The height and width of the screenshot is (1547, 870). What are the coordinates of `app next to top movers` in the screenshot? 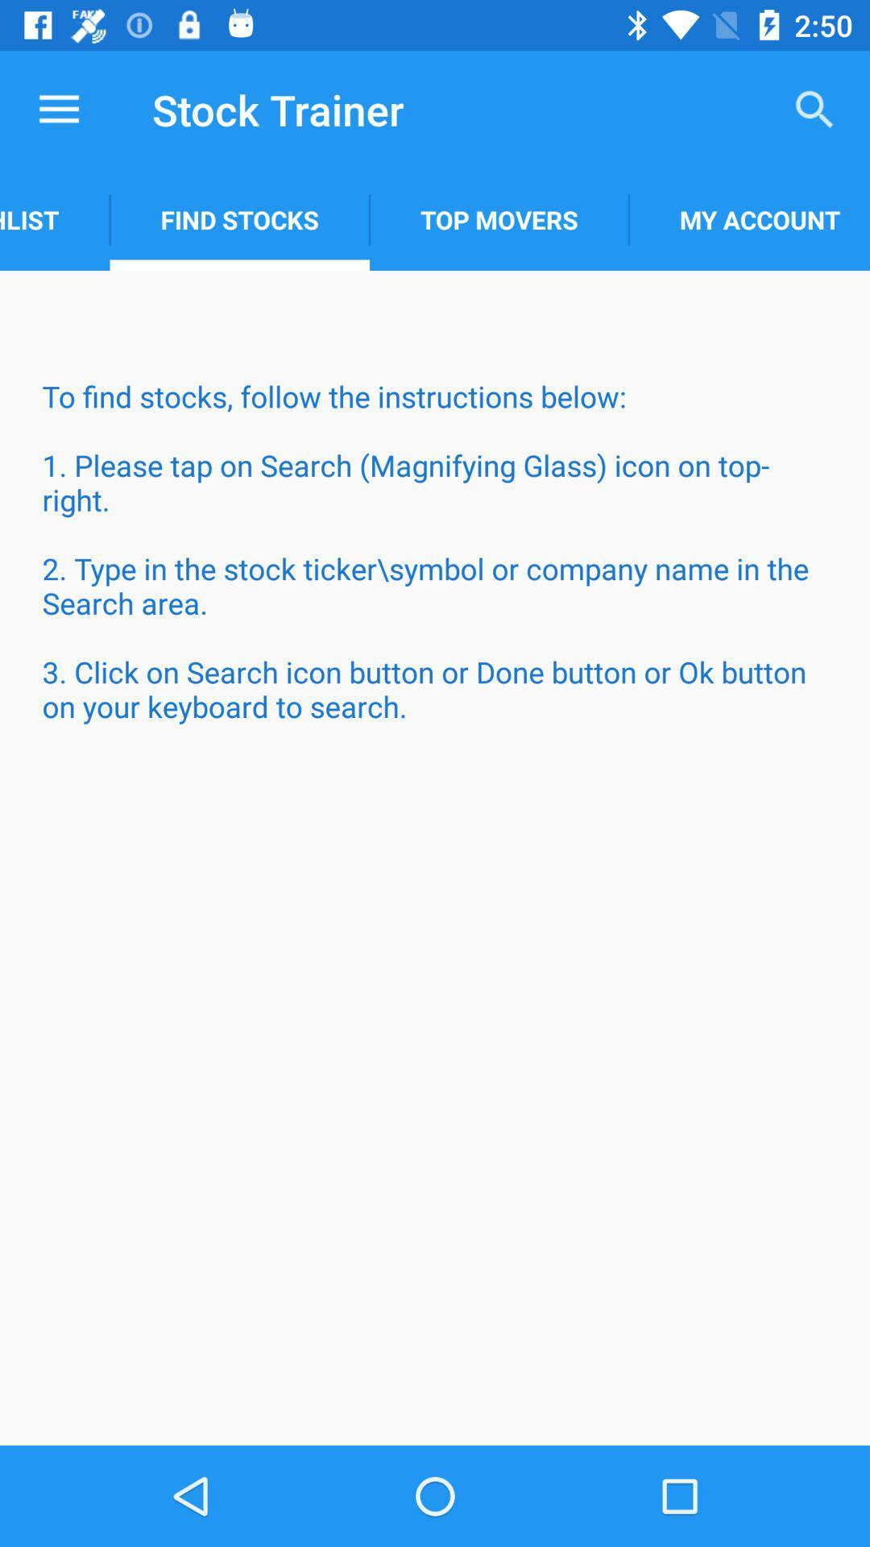 It's located at (749, 219).